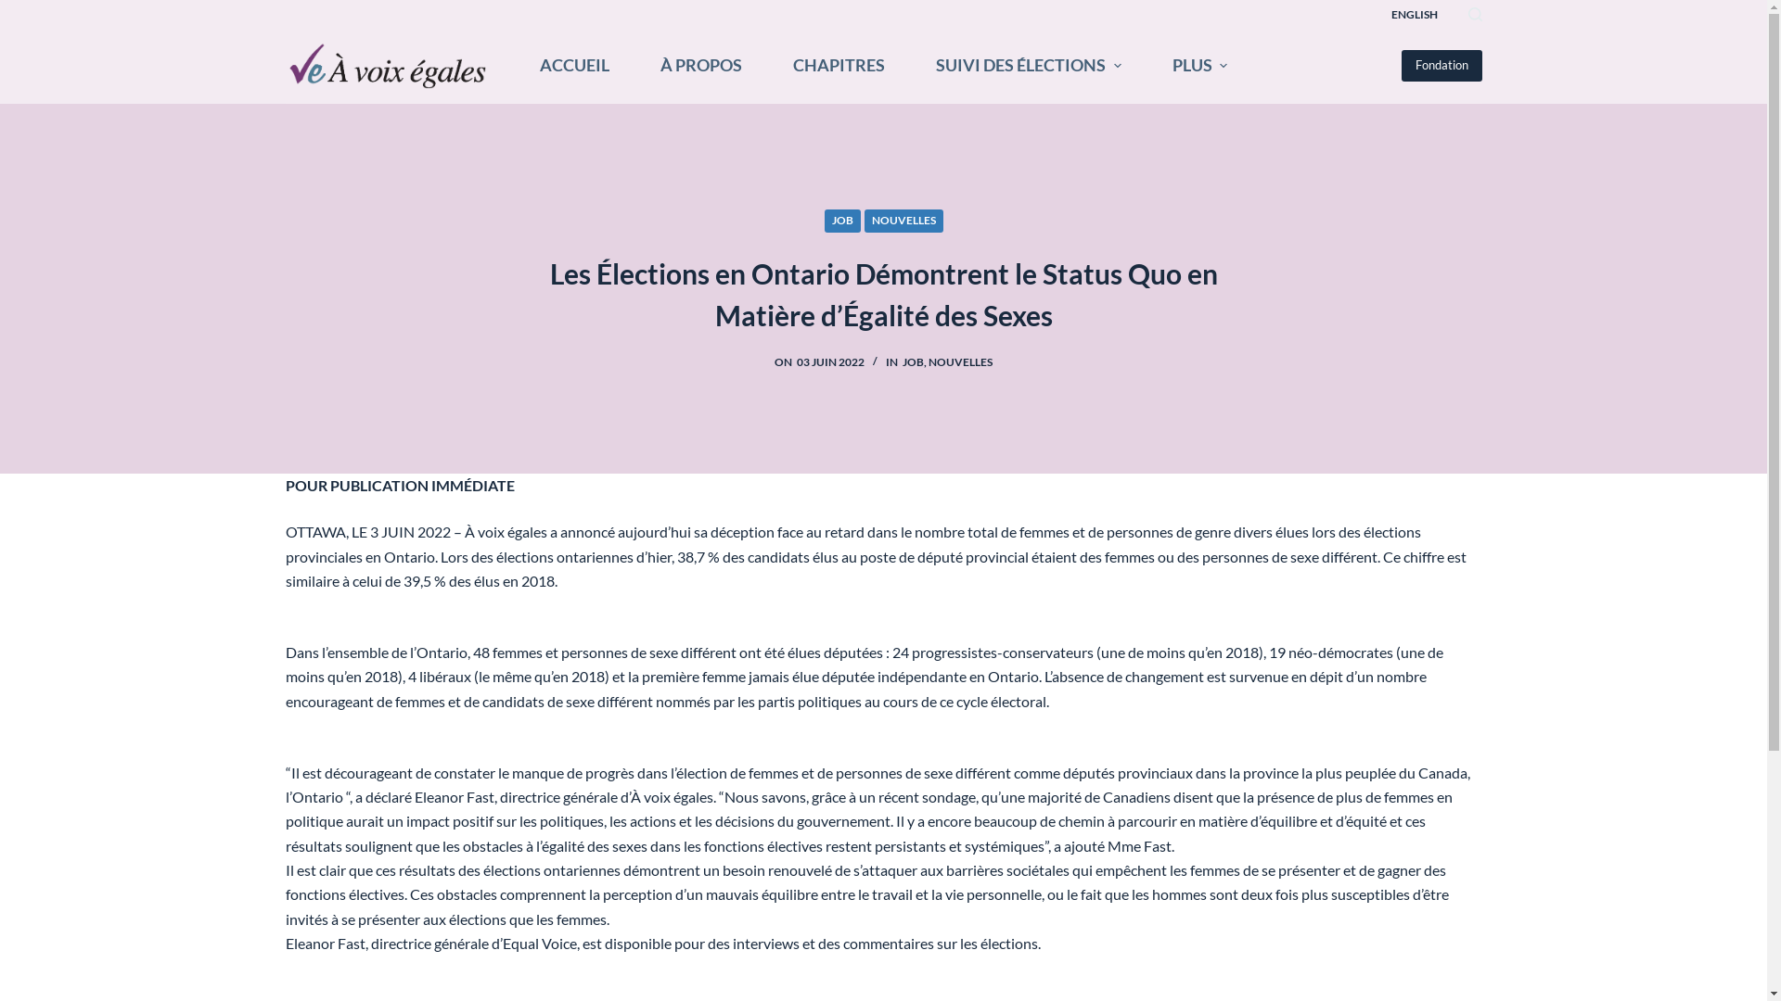 The height and width of the screenshot is (1001, 1781). Describe the element at coordinates (837, 64) in the screenshot. I see `'CHAPITRES'` at that location.